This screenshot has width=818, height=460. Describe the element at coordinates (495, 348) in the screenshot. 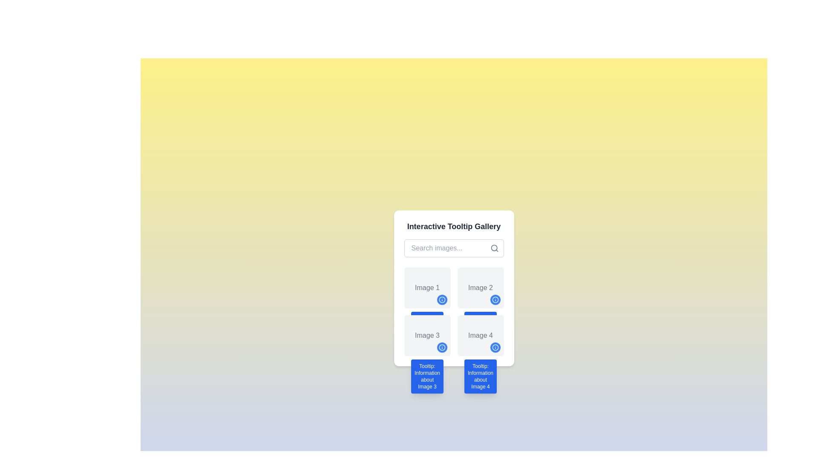

I see `the information icon, which is a circular outline with a small 'i' symbol in the center, located at the bottom-right corner of the fourth image in a grid layout` at that location.